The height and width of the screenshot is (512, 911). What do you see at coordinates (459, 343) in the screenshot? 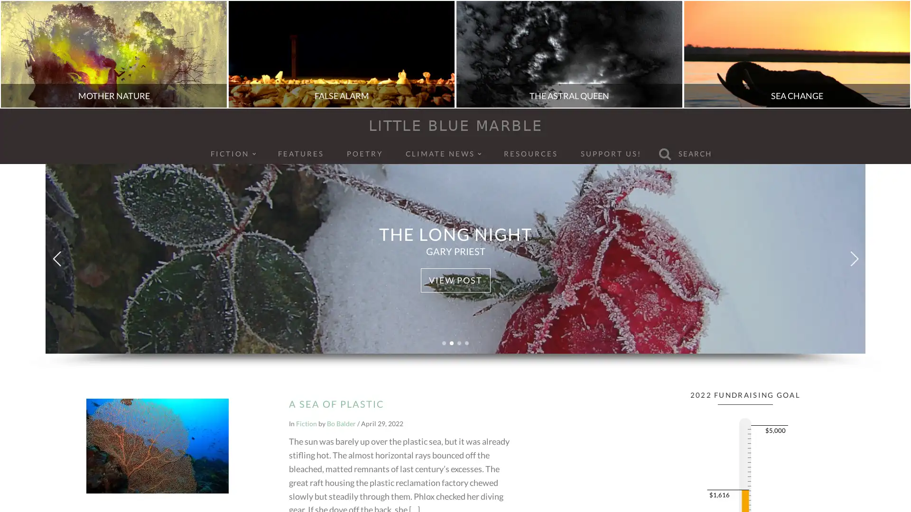
I see `Go to slide 3` at bounding box center [459, 343].